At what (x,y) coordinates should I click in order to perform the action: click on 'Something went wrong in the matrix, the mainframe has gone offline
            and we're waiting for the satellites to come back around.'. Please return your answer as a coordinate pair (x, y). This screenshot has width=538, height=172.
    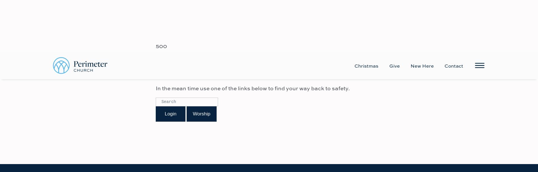
    Looking at the image, I should click on (268, 15).